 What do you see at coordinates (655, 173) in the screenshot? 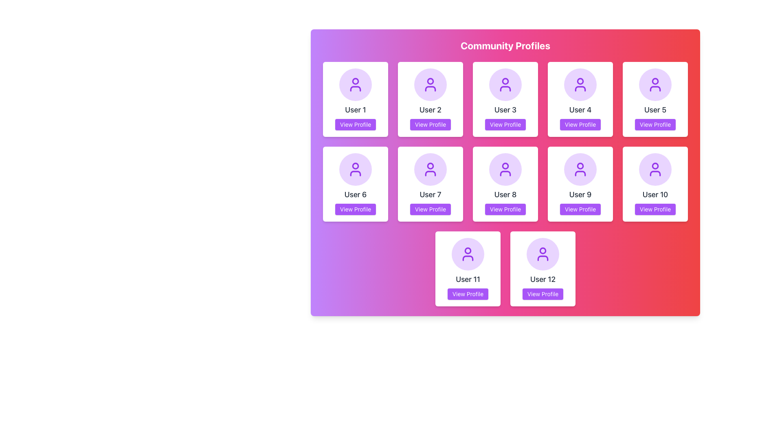
I see `the lower part of the user icon graphic in the 'User 10' card, which is shaped like a rounded rectangle` at bounding box center [655, 173].